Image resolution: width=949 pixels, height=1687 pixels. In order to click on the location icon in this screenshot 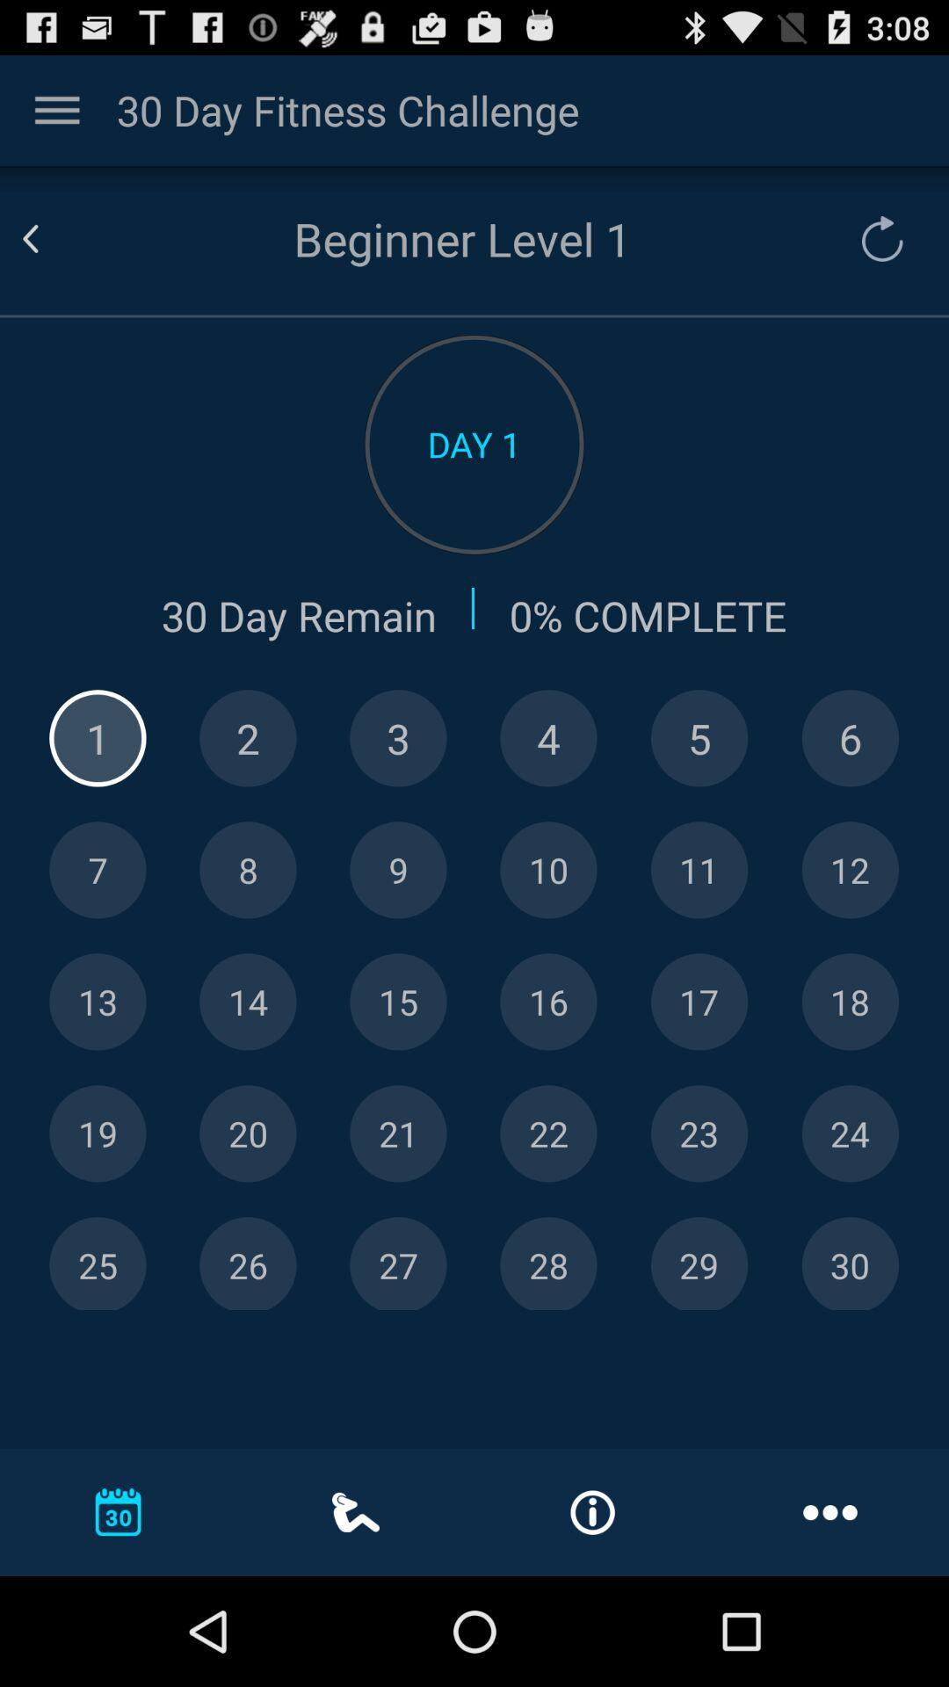, I will do `click(248, 930)`.